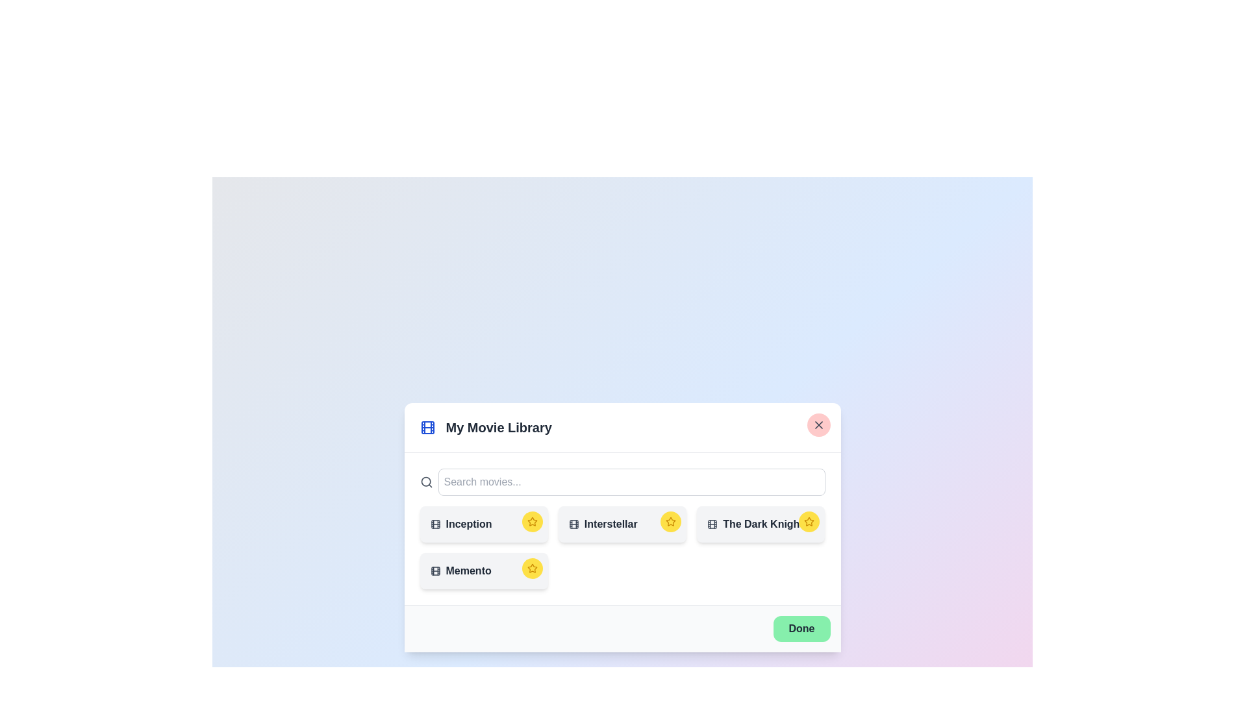  Describe the element at coordinates (532, 521) in the screenshot. I see `the rating icon for the movie 'Inception' in 'My Movie Library' to express selection or rating` at that location.